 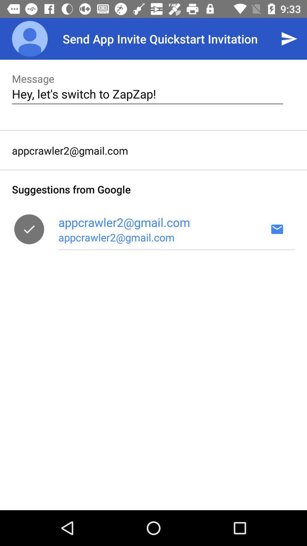 What do you see at coordinates (147, 94) in the screenshot?
I see `hey let s` at bounding box center [147, 94].